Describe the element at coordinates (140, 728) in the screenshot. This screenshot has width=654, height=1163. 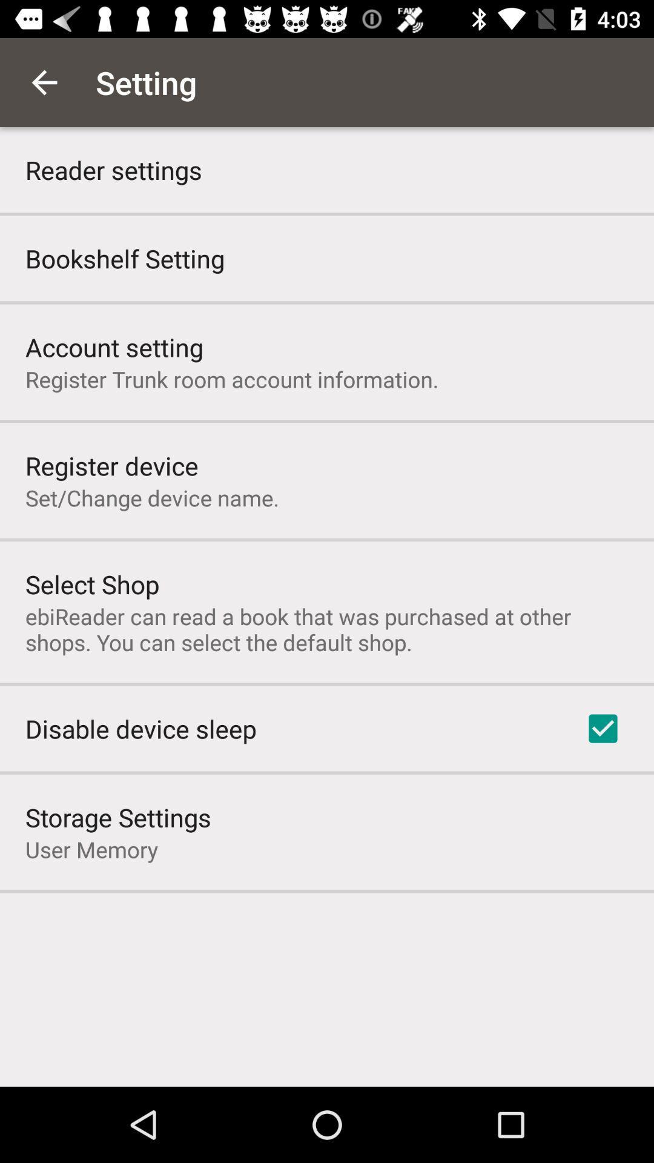
I see `item above storage settings` at that location.